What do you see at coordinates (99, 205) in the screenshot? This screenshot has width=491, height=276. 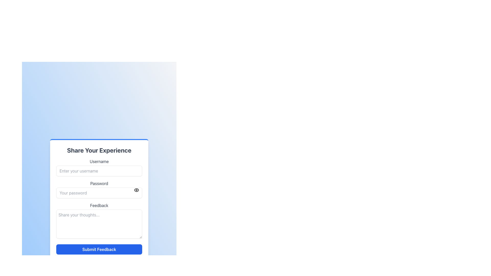 I see `the static text label indicating the purpose of the input field for comments or feedback, located near the bottom of the panel` at bounding box center [99, 205].